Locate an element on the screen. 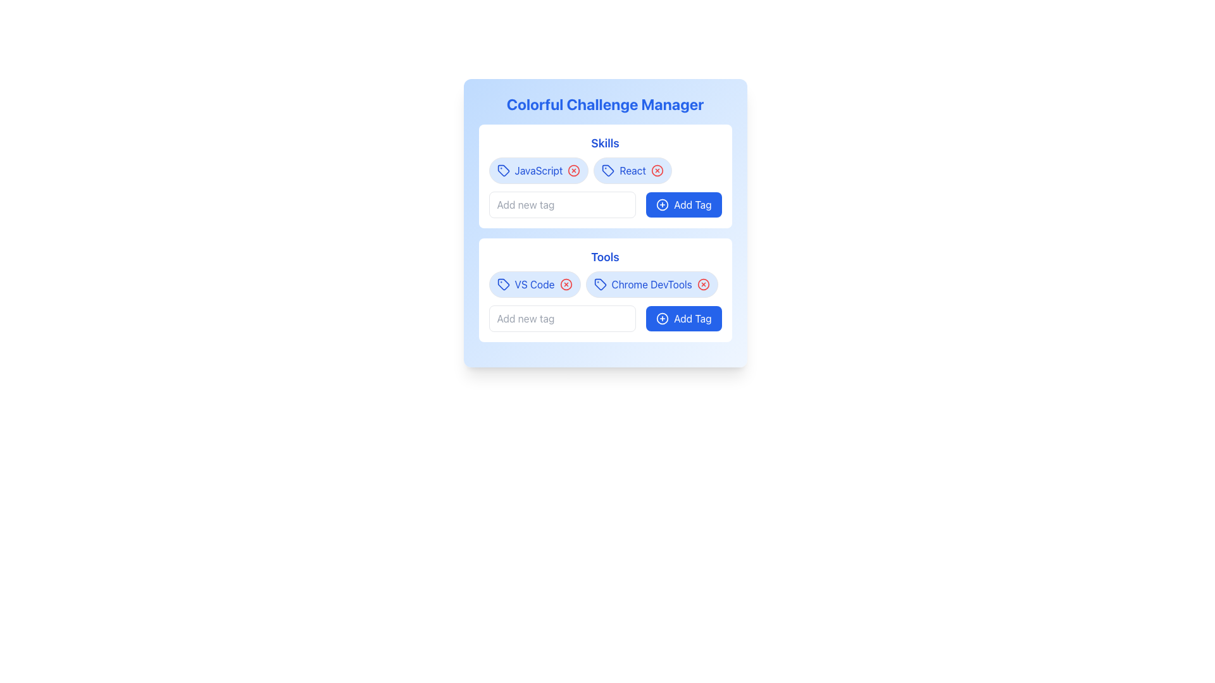 Image resolution: width=1215 pixels, height=683 pixels. the 'JavaScript' skill tag element with a remove option, which is a rounded rectangle with a light blue background, located in the 'Skills' section is located at coordinates (539, 171).